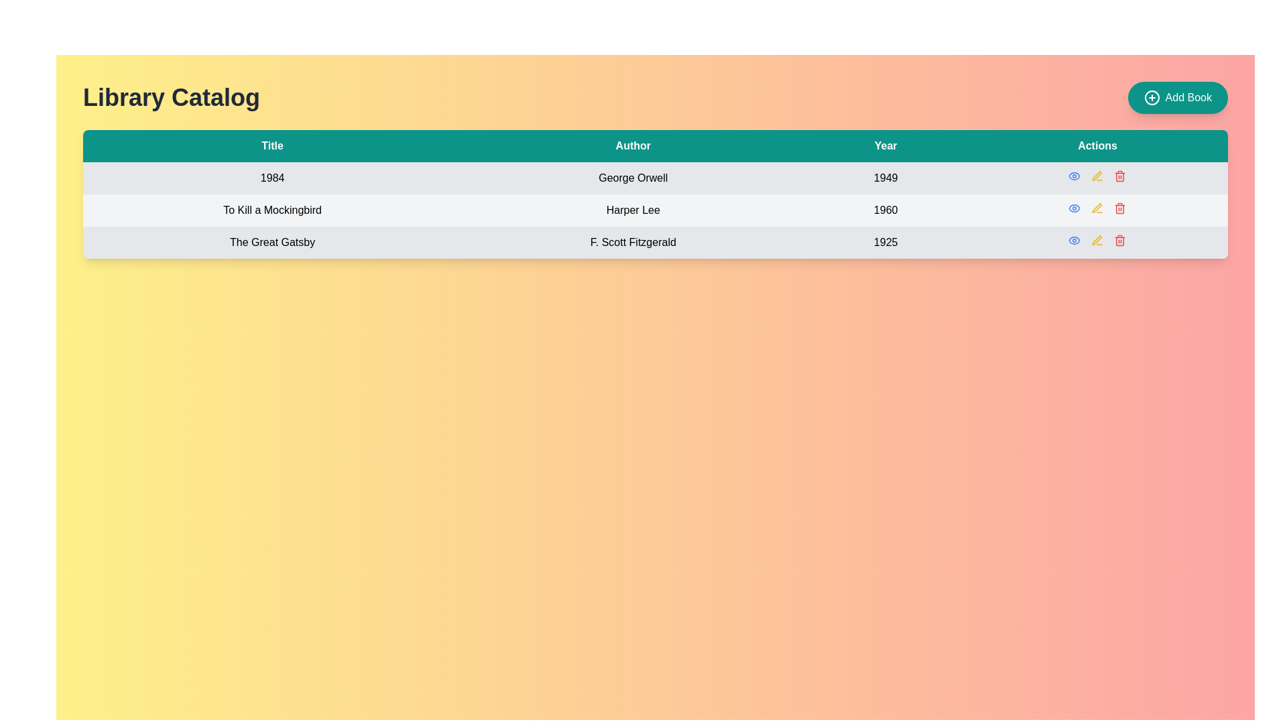 The image size is (1287, 724). I want to click on the edit button for the book 'To Kill a Mockingbird' in the 'Actions' column of the library catalog table to prepare for modification, so click(1097, 208).